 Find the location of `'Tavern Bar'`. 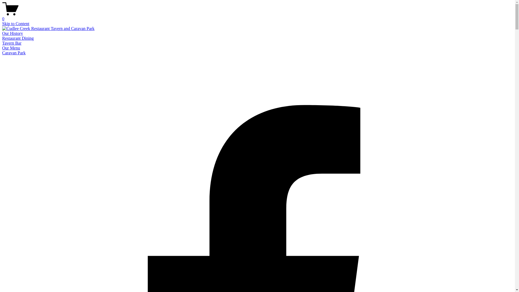

'Tavern Bar' is located at coordinates (12, 43).